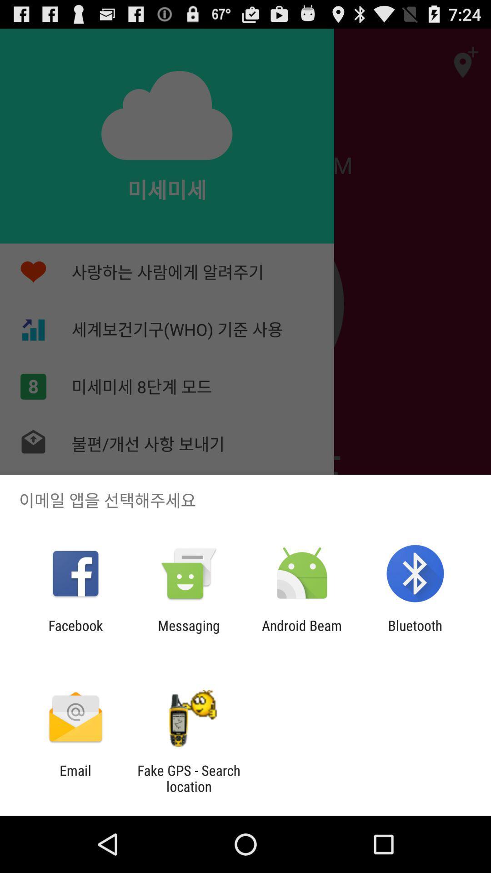 The width and height of the screenshot is (491, 873). What do you see at coordinates (188, 633) in the screenshot?
I see `the item next to the android beam icon` at bounding box center [188, 633].